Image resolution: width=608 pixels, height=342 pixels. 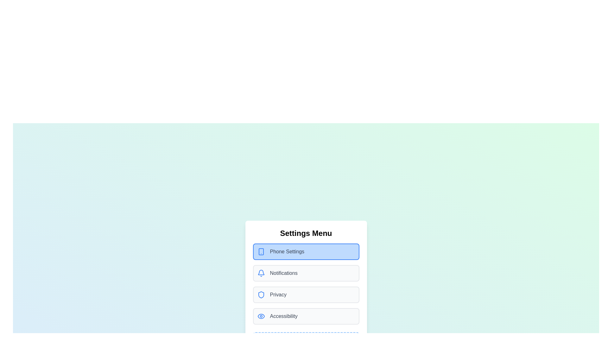 What do you see at coordinates (306, 251) in the screenshot?
I see `the menu item corresponding to Phone Settings` at bounding box center [306, 251].